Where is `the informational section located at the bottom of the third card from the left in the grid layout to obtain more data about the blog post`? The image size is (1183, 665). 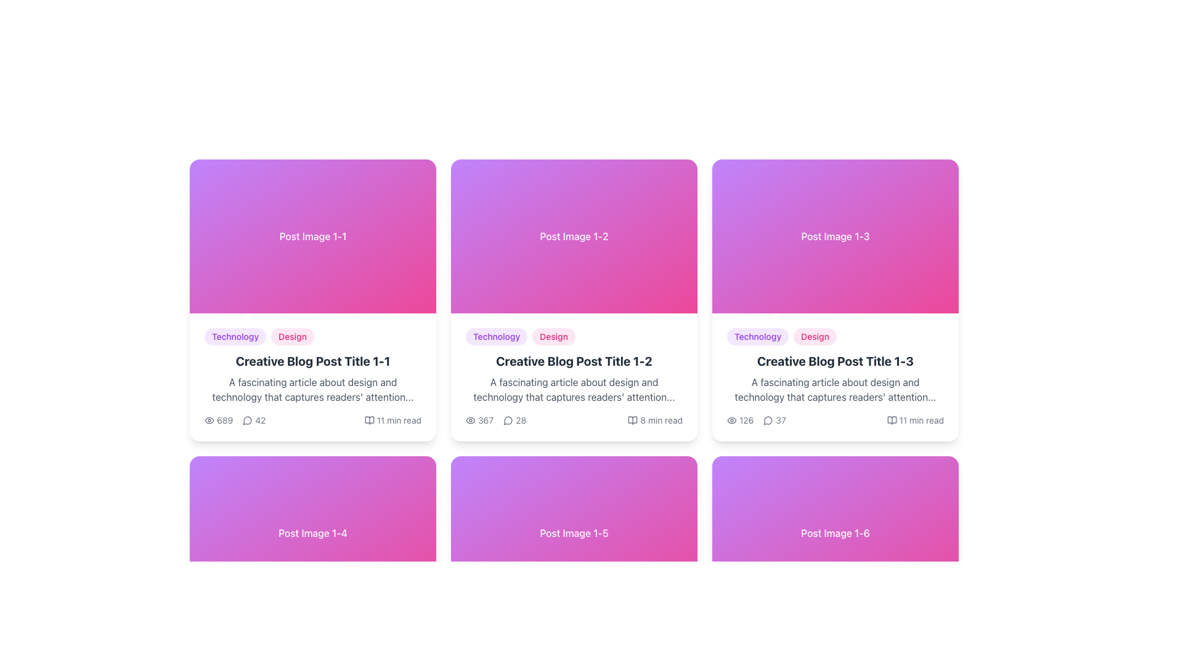
the informational section located at the bottom of the third card from the left in the grid layout to obtain more data about the blog post is located at coordinates (835, 419).